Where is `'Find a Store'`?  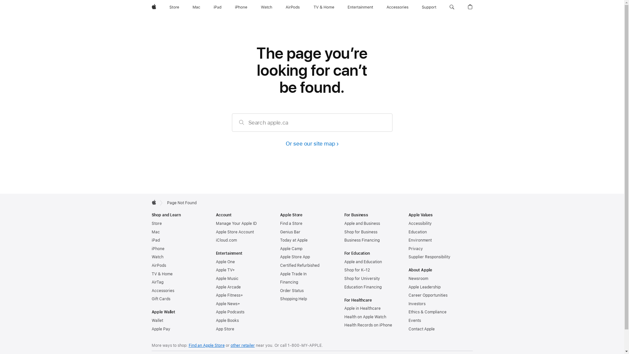 'Find a Store' is located at coordinates (291, 223).